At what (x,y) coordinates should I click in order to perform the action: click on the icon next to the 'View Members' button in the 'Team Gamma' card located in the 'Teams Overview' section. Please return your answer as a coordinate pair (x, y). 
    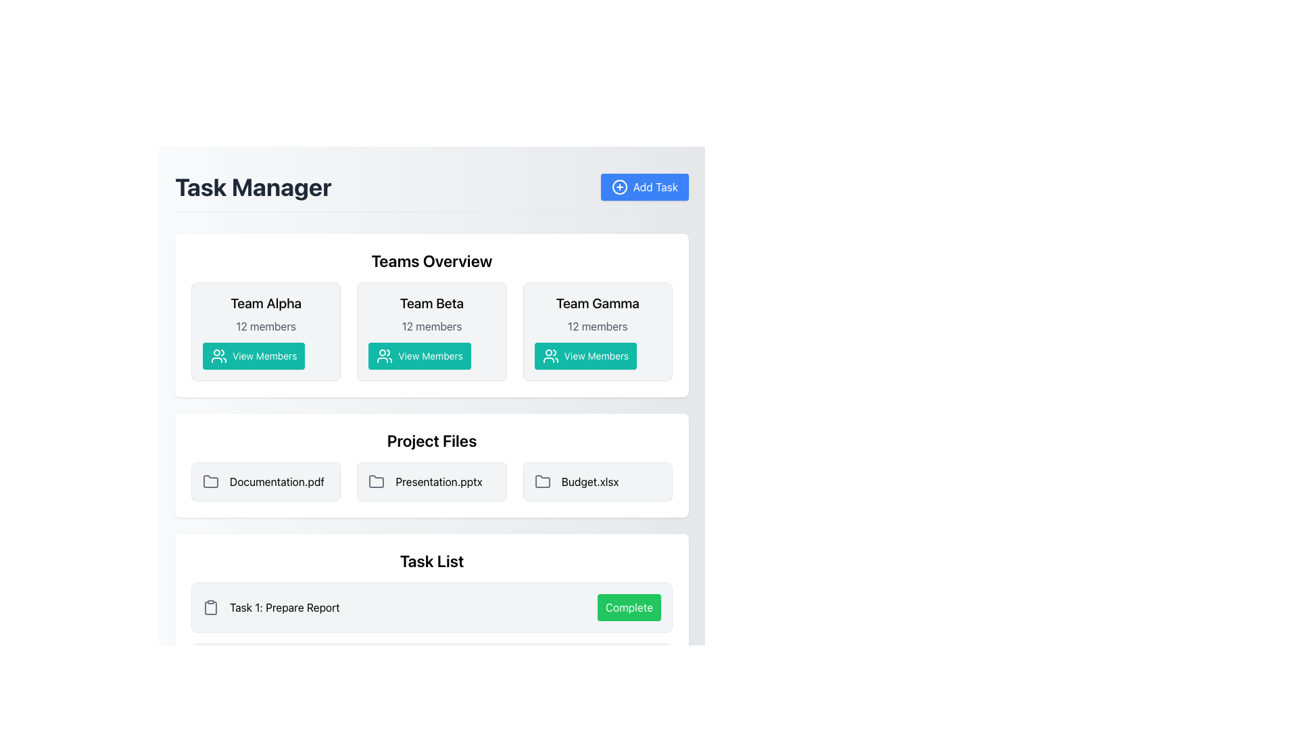
    Looking at the image, I should click on (550, 356).